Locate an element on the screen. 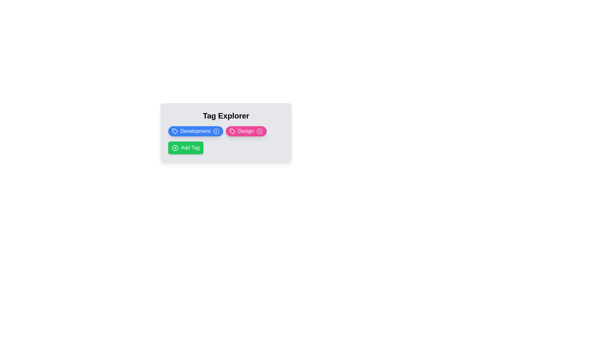 Image resolution: width=614 pixels, height=345 pixels. close icon of the tag labeled Development to remove it is located at coordinates (216, 131).